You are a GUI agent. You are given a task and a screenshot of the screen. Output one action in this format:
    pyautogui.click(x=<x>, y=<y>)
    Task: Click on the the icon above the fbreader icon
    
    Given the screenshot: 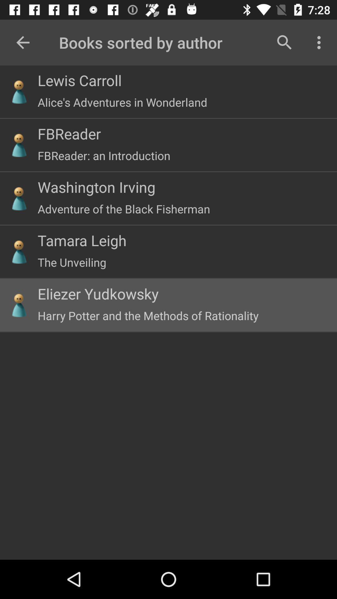 What is the action you would take?
    pyautogui.click(x=122, y=102)
    